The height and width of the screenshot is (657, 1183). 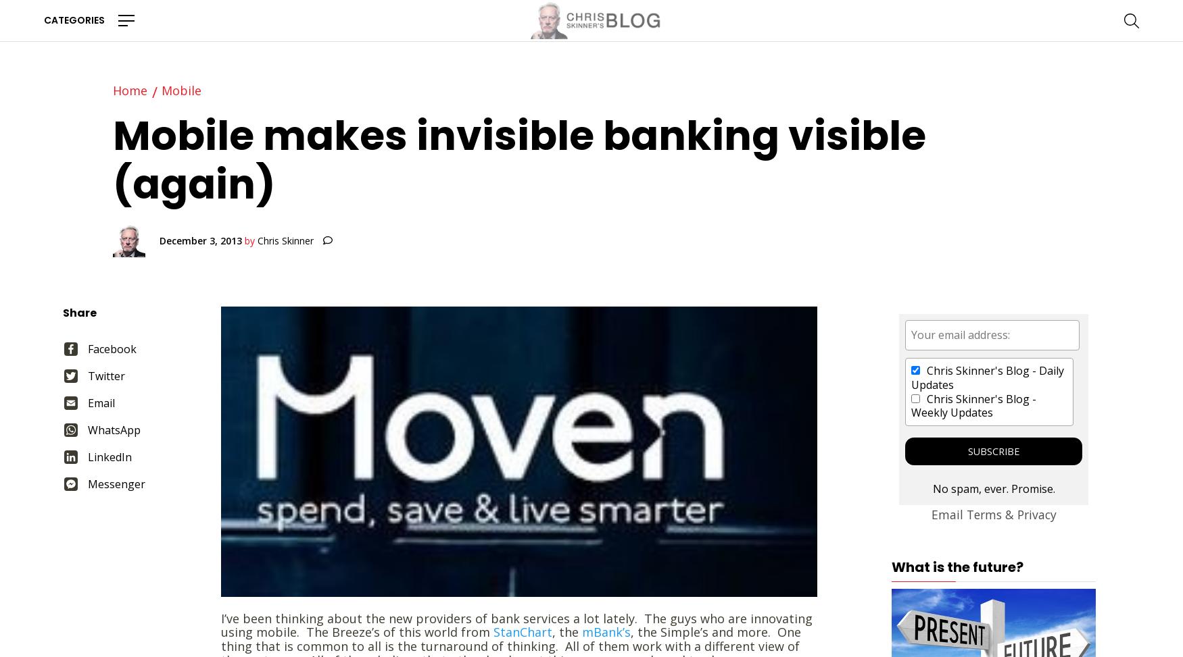 What do you see at coordinates (114, 428) in the screenshot?
I see `'WhatsApp'` at bounding box center [114, 428].